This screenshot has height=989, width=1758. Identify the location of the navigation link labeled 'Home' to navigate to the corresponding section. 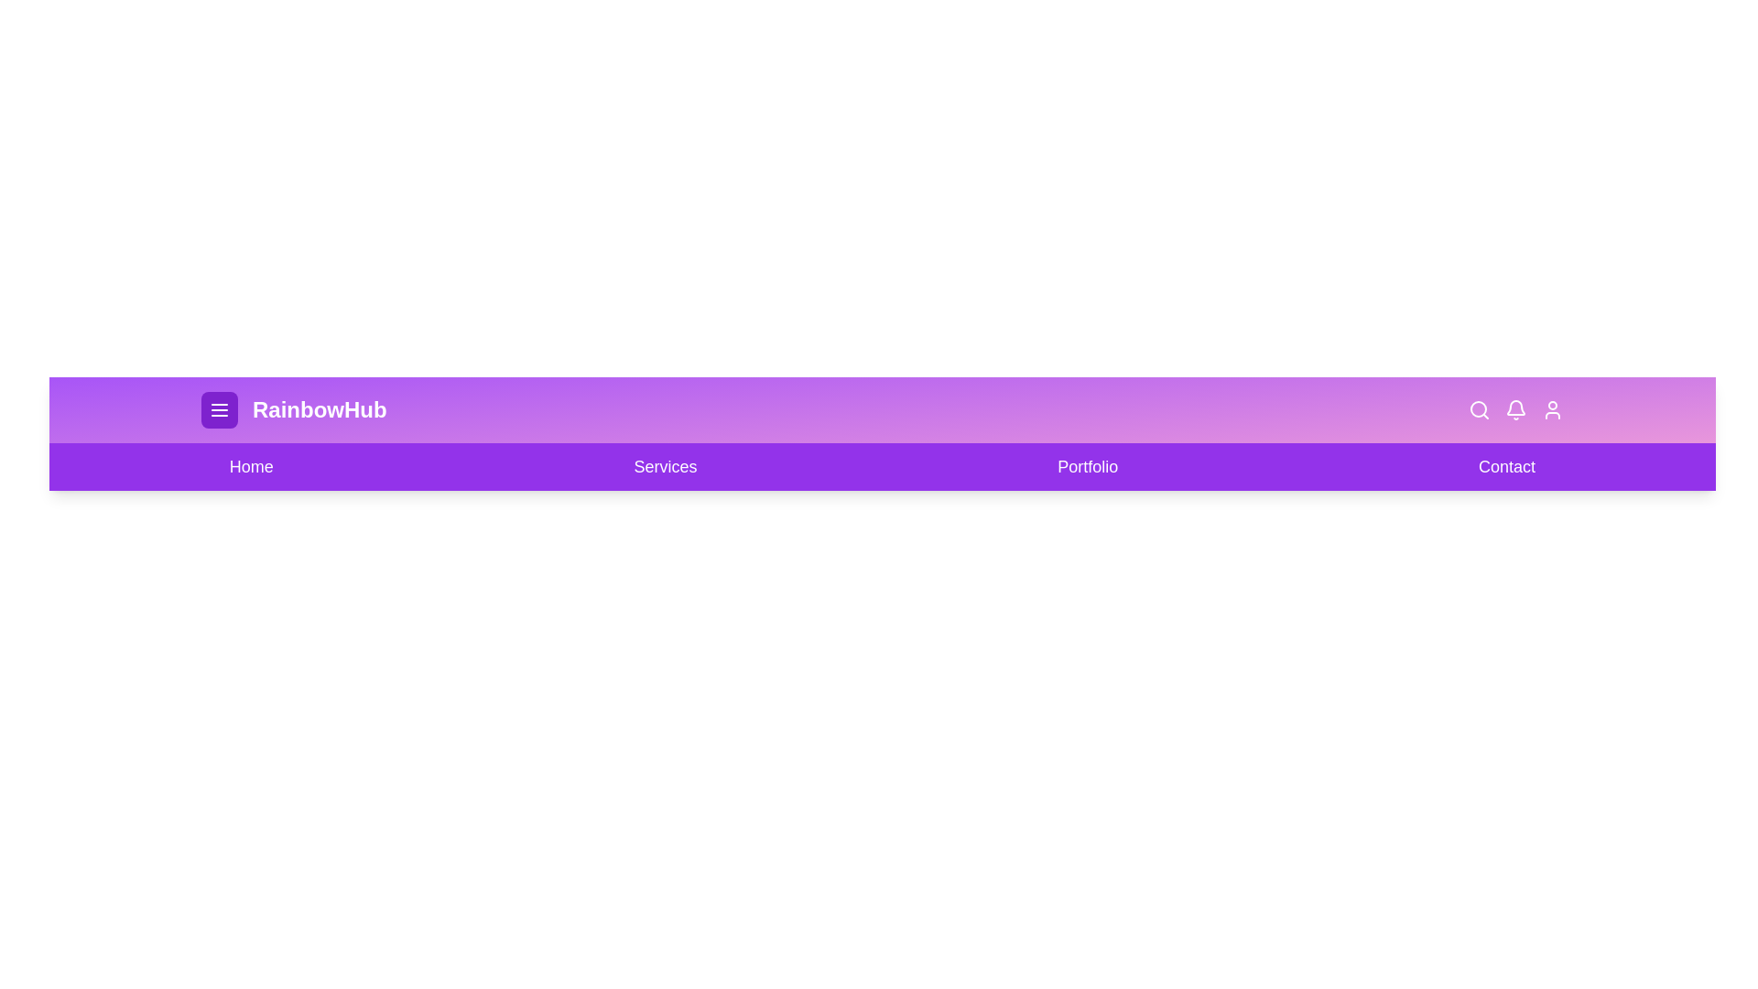
(249, 465).